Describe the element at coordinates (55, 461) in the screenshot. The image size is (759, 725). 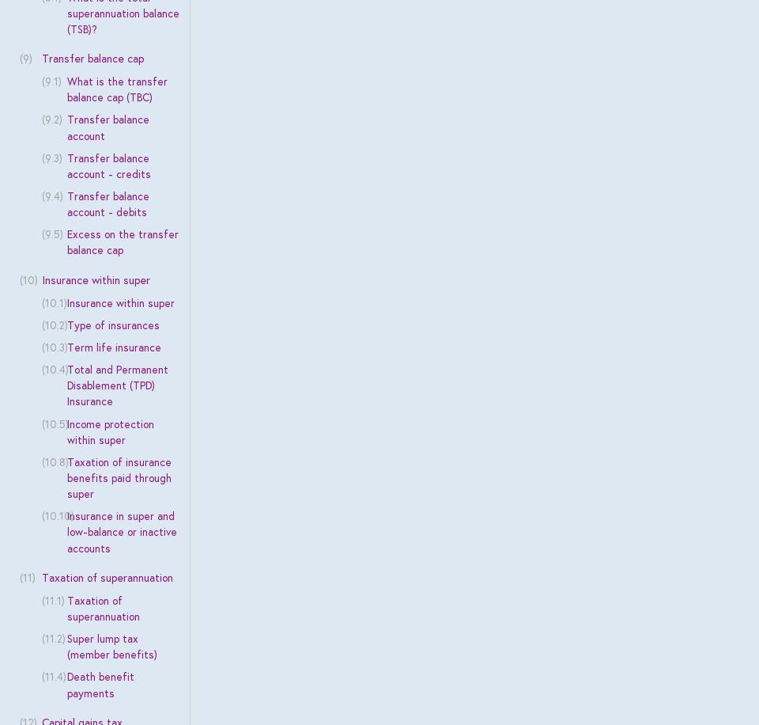
I see `'(10.8)'` at that location.